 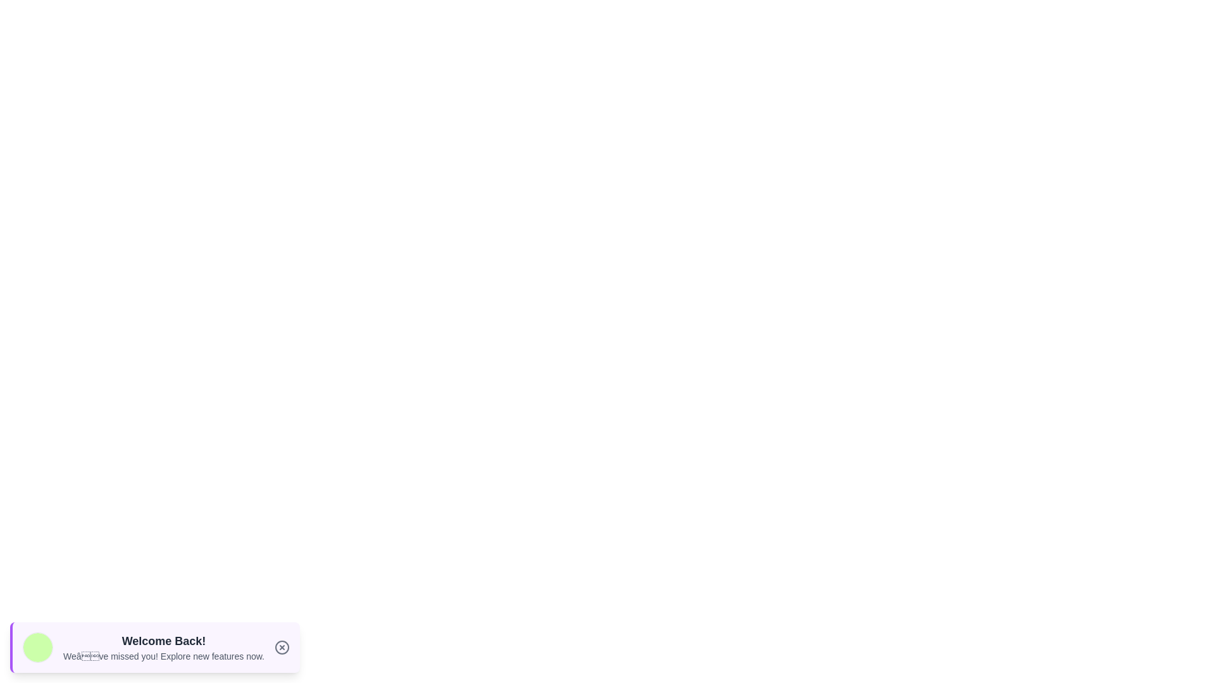 What do you see at coordinates (63, 632) in the screenshot?
I see `the text in the title of the snackbar component by clicking and dragging over it` at bounding box center [63, 632].